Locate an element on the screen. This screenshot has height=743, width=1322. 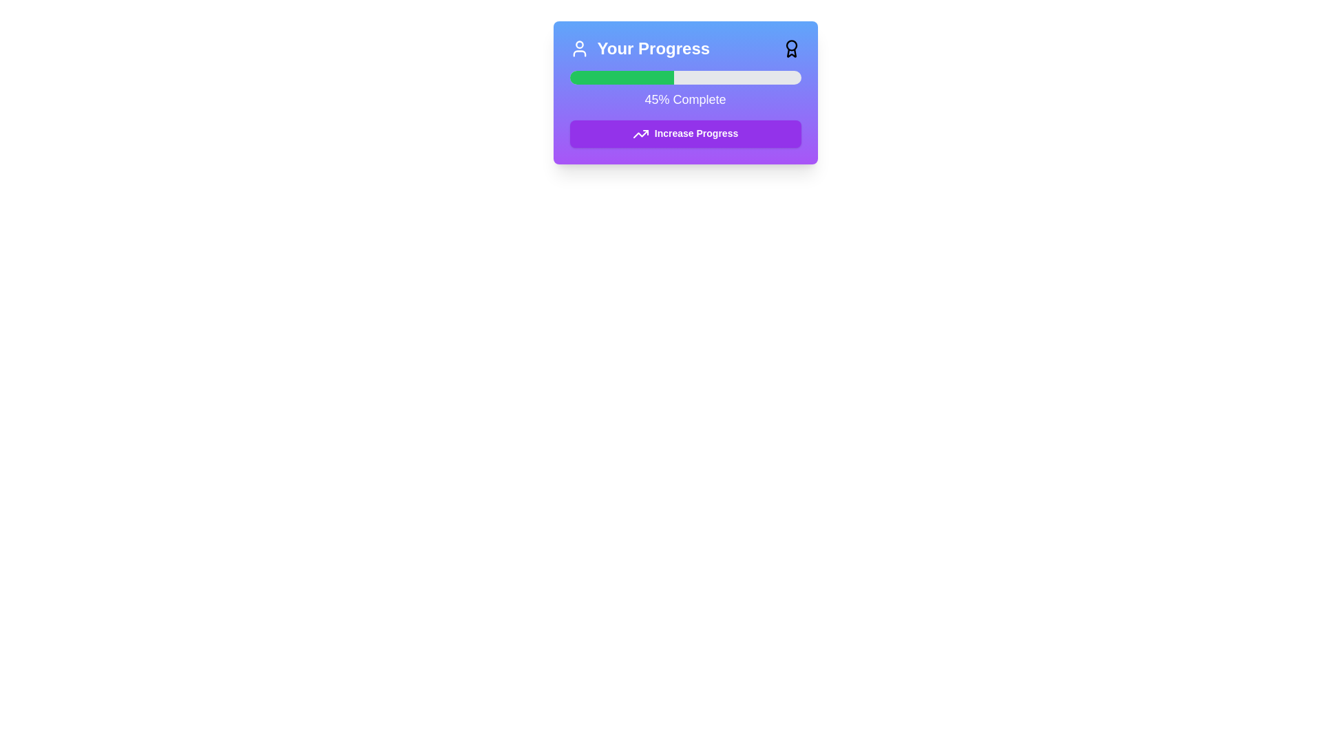
the small circular decorative element located at the top-right corner of the user icon within the progress card is located at coordinates (579, 44).